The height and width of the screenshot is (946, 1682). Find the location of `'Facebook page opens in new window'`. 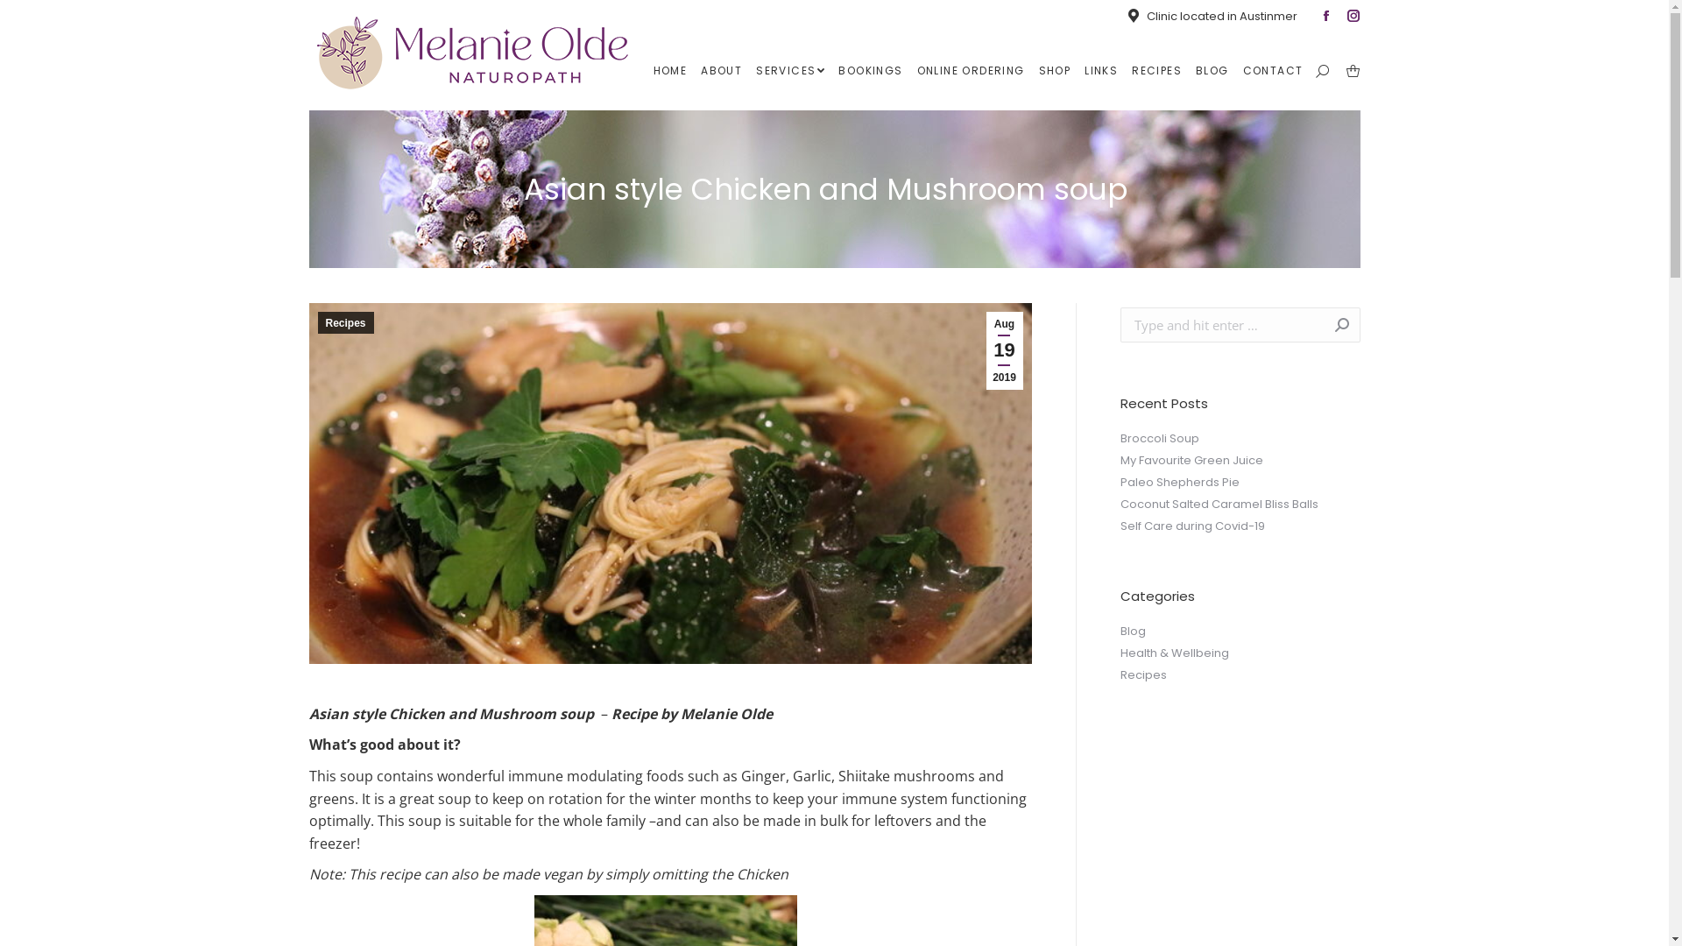

'Facebook page opens in new window' is located at coordinates (1325, 16).